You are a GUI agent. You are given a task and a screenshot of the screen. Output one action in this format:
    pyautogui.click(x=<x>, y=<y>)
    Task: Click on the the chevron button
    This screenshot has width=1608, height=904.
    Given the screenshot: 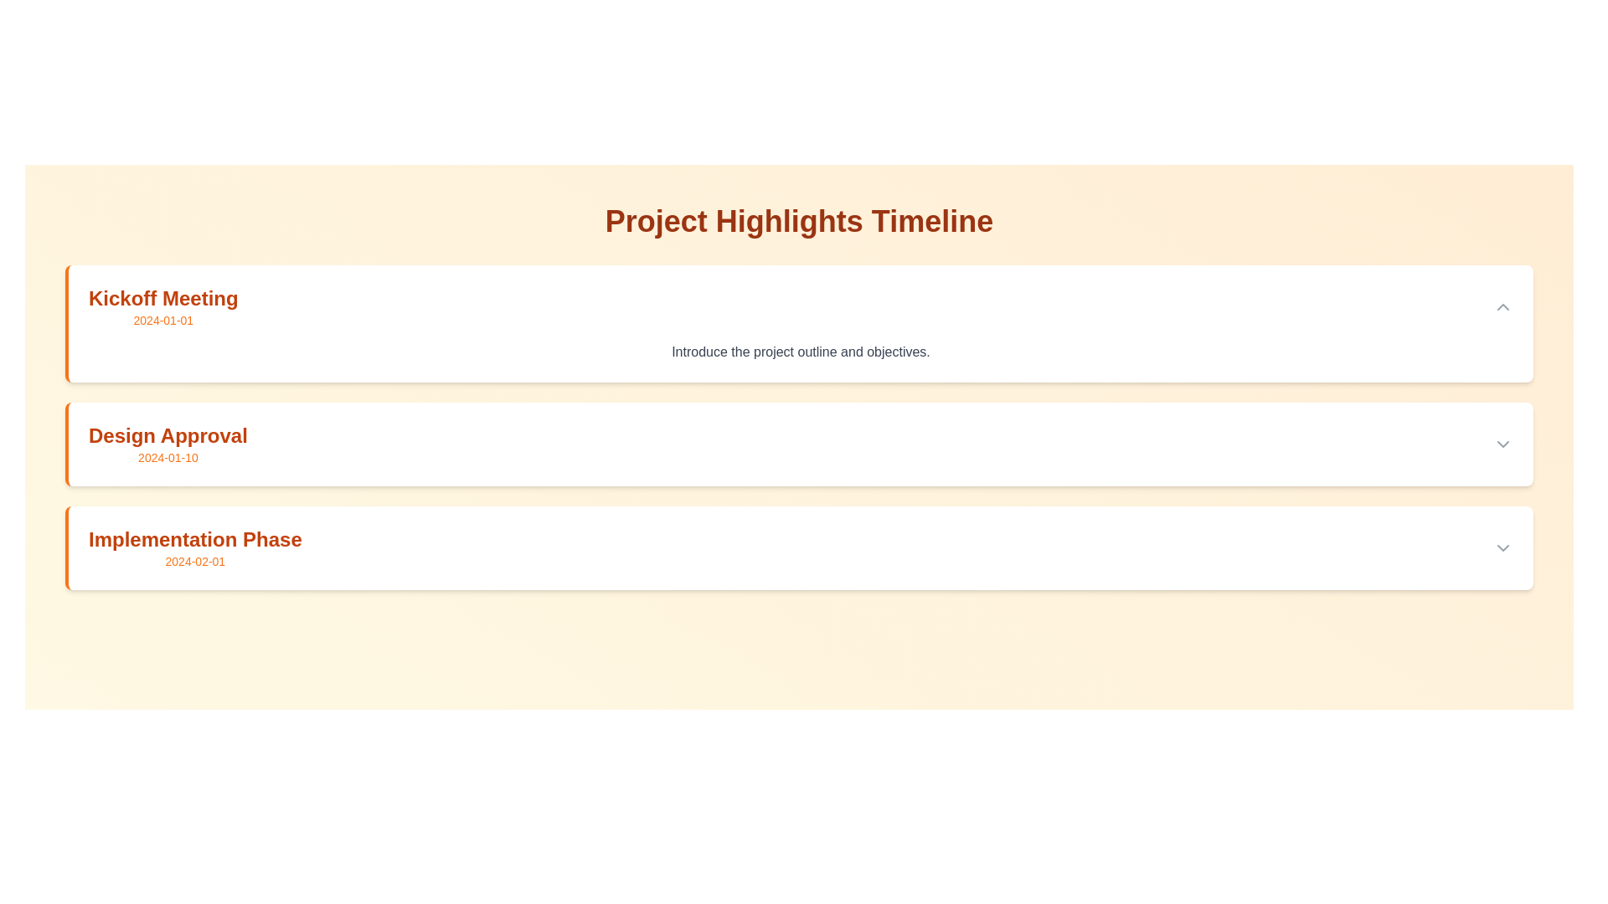 What is the action you would take?
    pyautogui.click(x=1503, y=444)
    